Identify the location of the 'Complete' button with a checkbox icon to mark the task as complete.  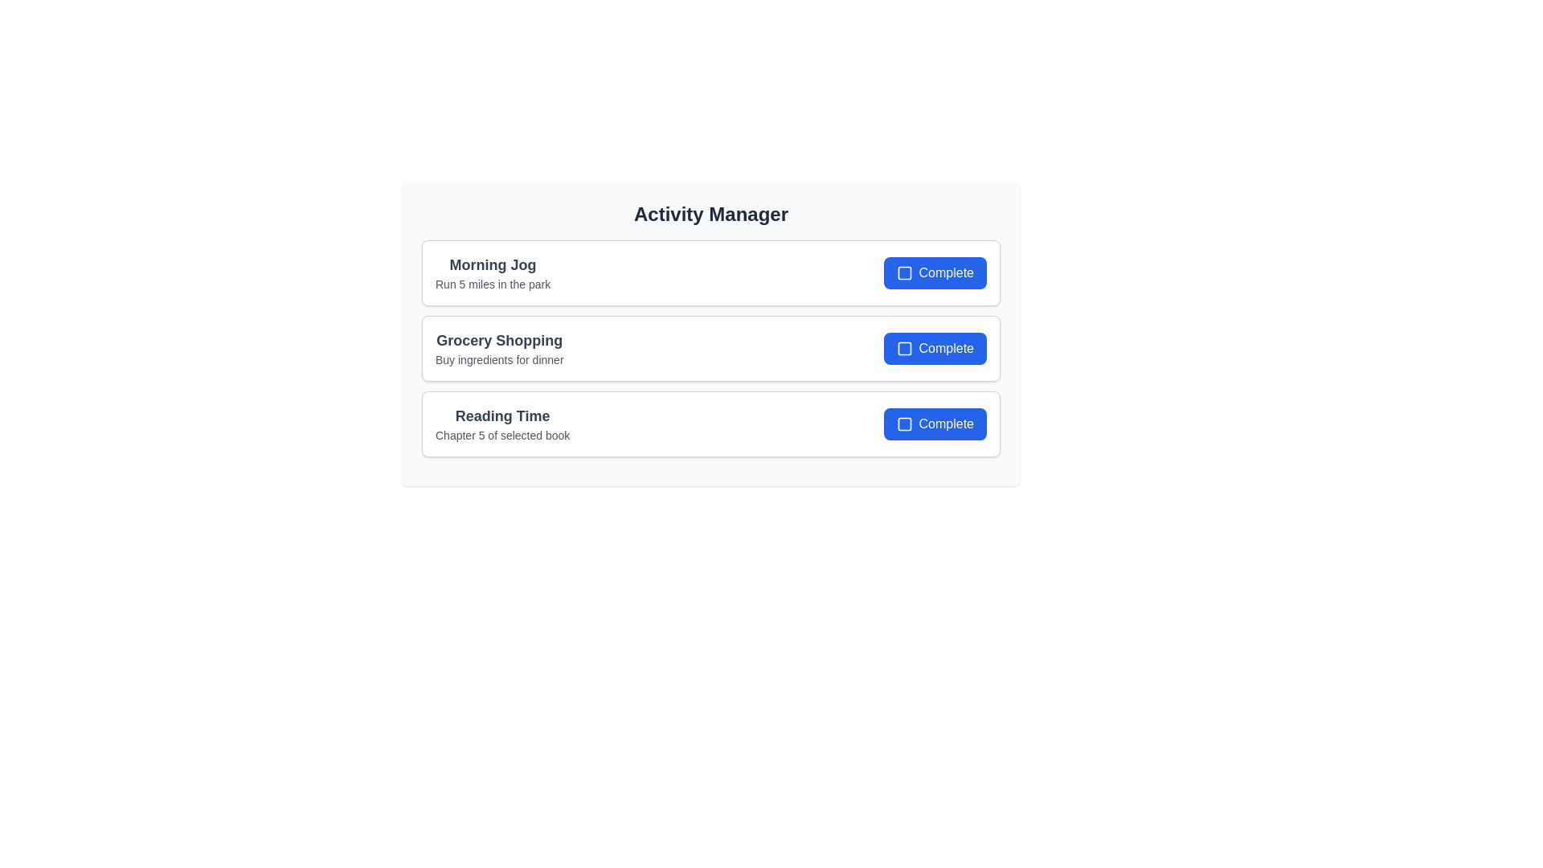
(935, 272).